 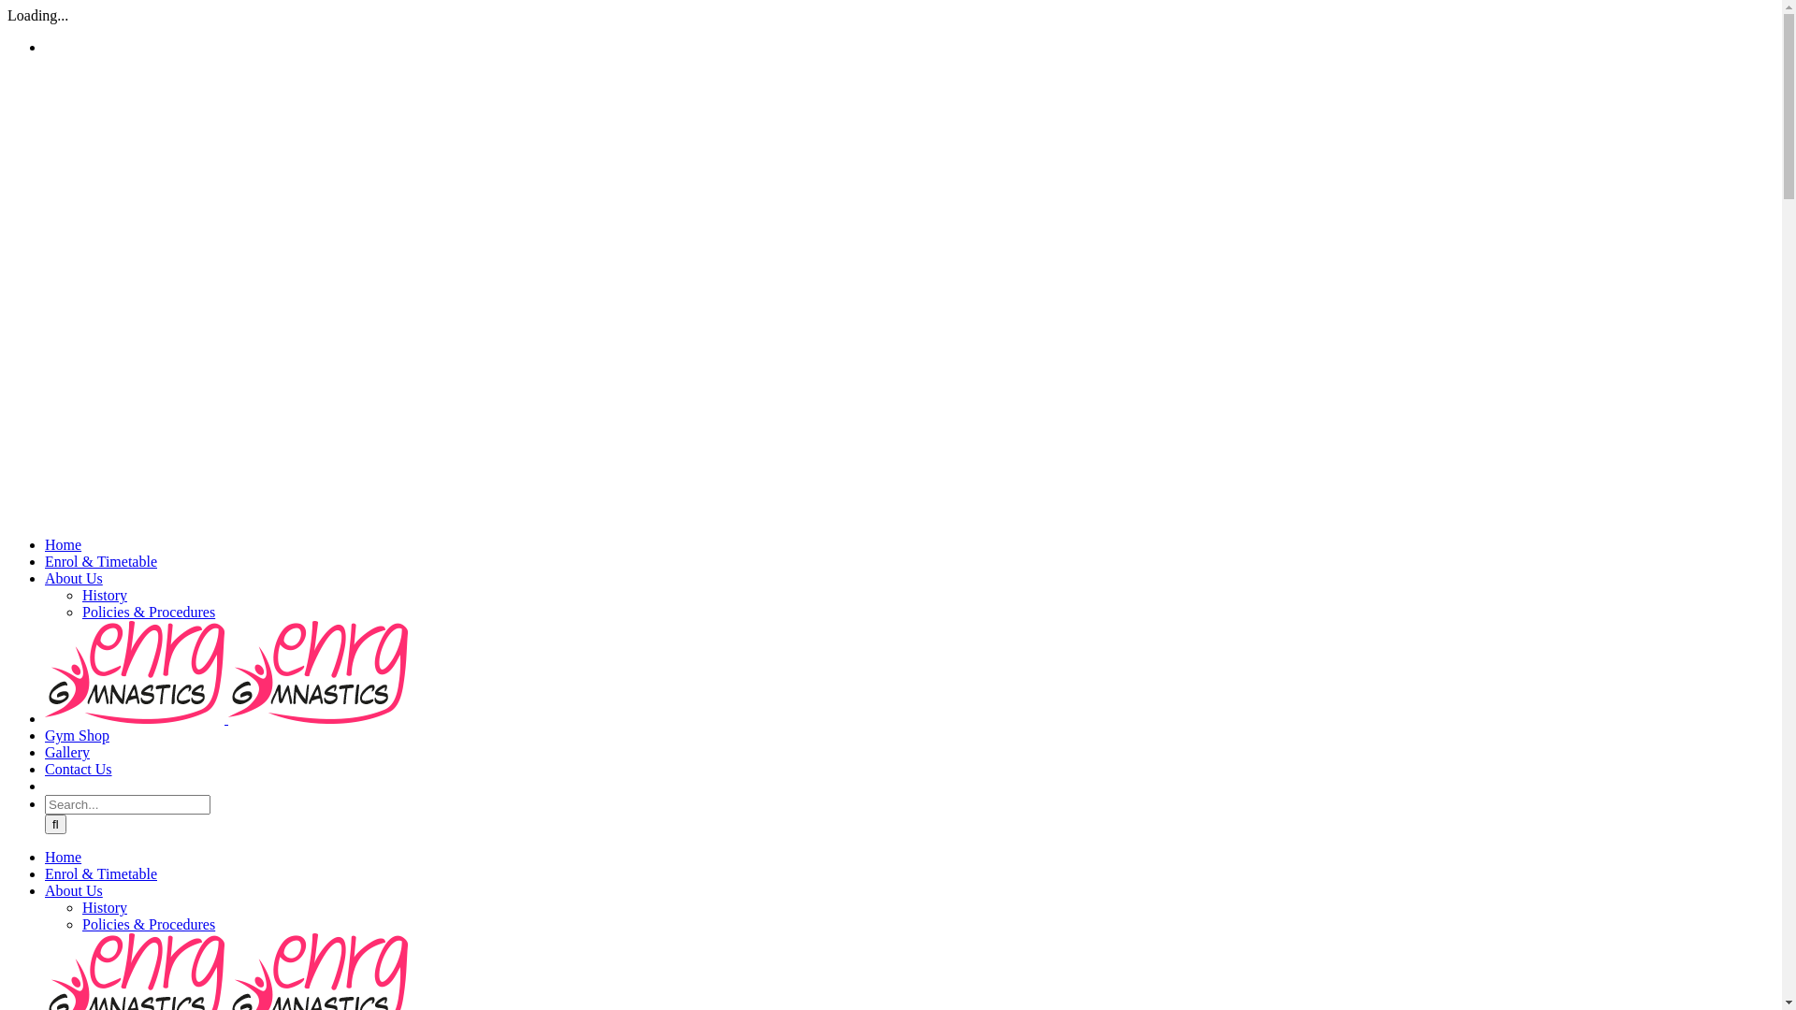 What do you see at coordinates (80, 612) in the screenshot?
I see `'Policies & Procedures'` at bounding box center [80, 612].